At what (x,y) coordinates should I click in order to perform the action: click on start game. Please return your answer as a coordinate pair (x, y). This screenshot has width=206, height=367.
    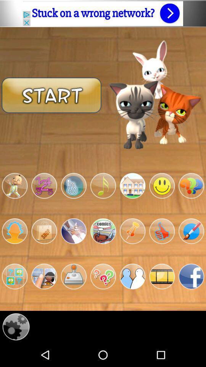
    Looking at the image, I should click on (51, 94).